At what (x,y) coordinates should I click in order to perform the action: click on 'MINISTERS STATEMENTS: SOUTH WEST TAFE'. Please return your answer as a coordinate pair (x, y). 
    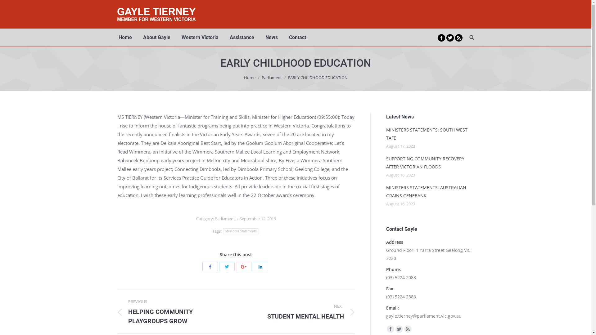
    Looking at the image, I should click on (430, 134).